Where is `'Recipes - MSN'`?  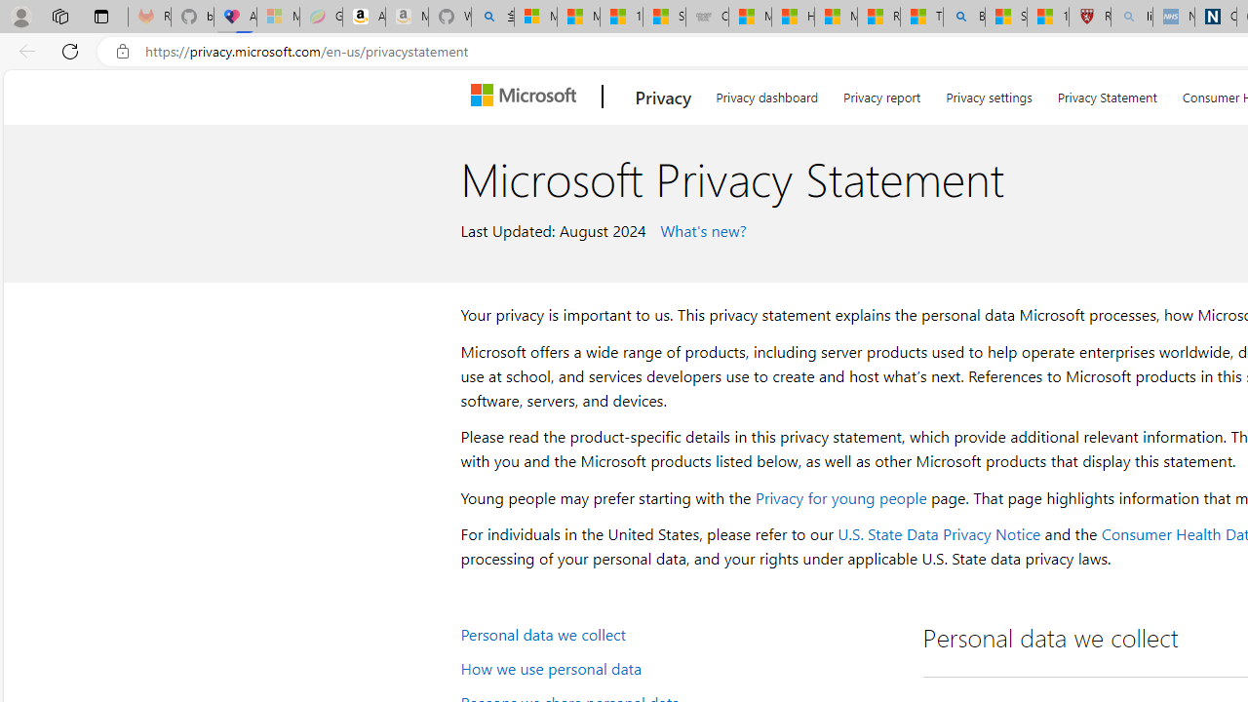 'Recipes - MSN' is located at coordinates (877, 17).